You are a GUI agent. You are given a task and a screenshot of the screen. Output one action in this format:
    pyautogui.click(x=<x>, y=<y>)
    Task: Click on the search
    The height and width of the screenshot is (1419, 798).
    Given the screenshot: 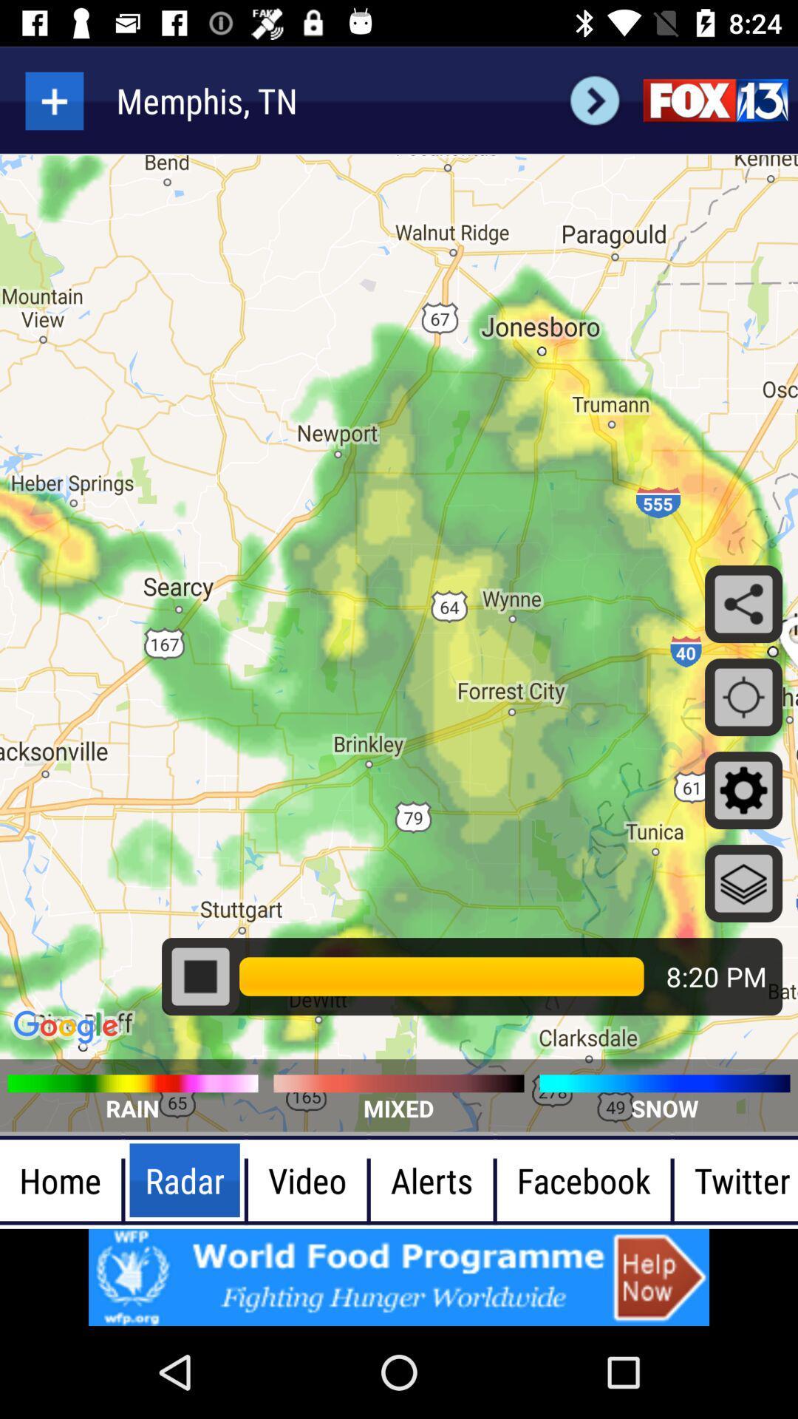 What is the action you would take?
    pyautogui.click(x=594, y=100)
    